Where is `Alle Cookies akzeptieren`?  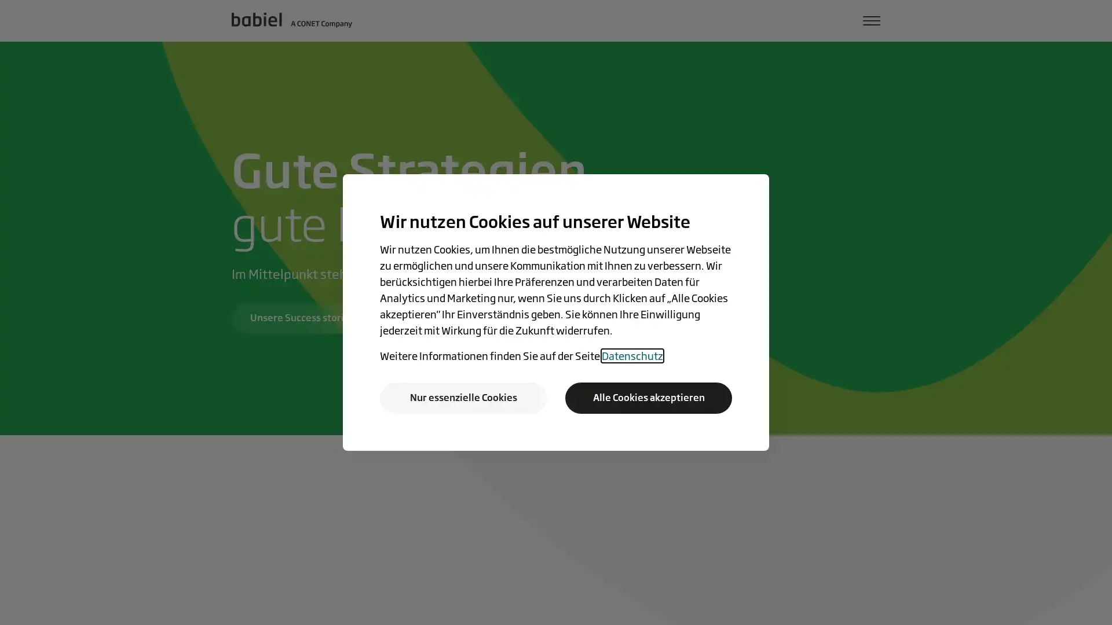 Alle Cookies akzeptieren is located at coordinates (648, 397).